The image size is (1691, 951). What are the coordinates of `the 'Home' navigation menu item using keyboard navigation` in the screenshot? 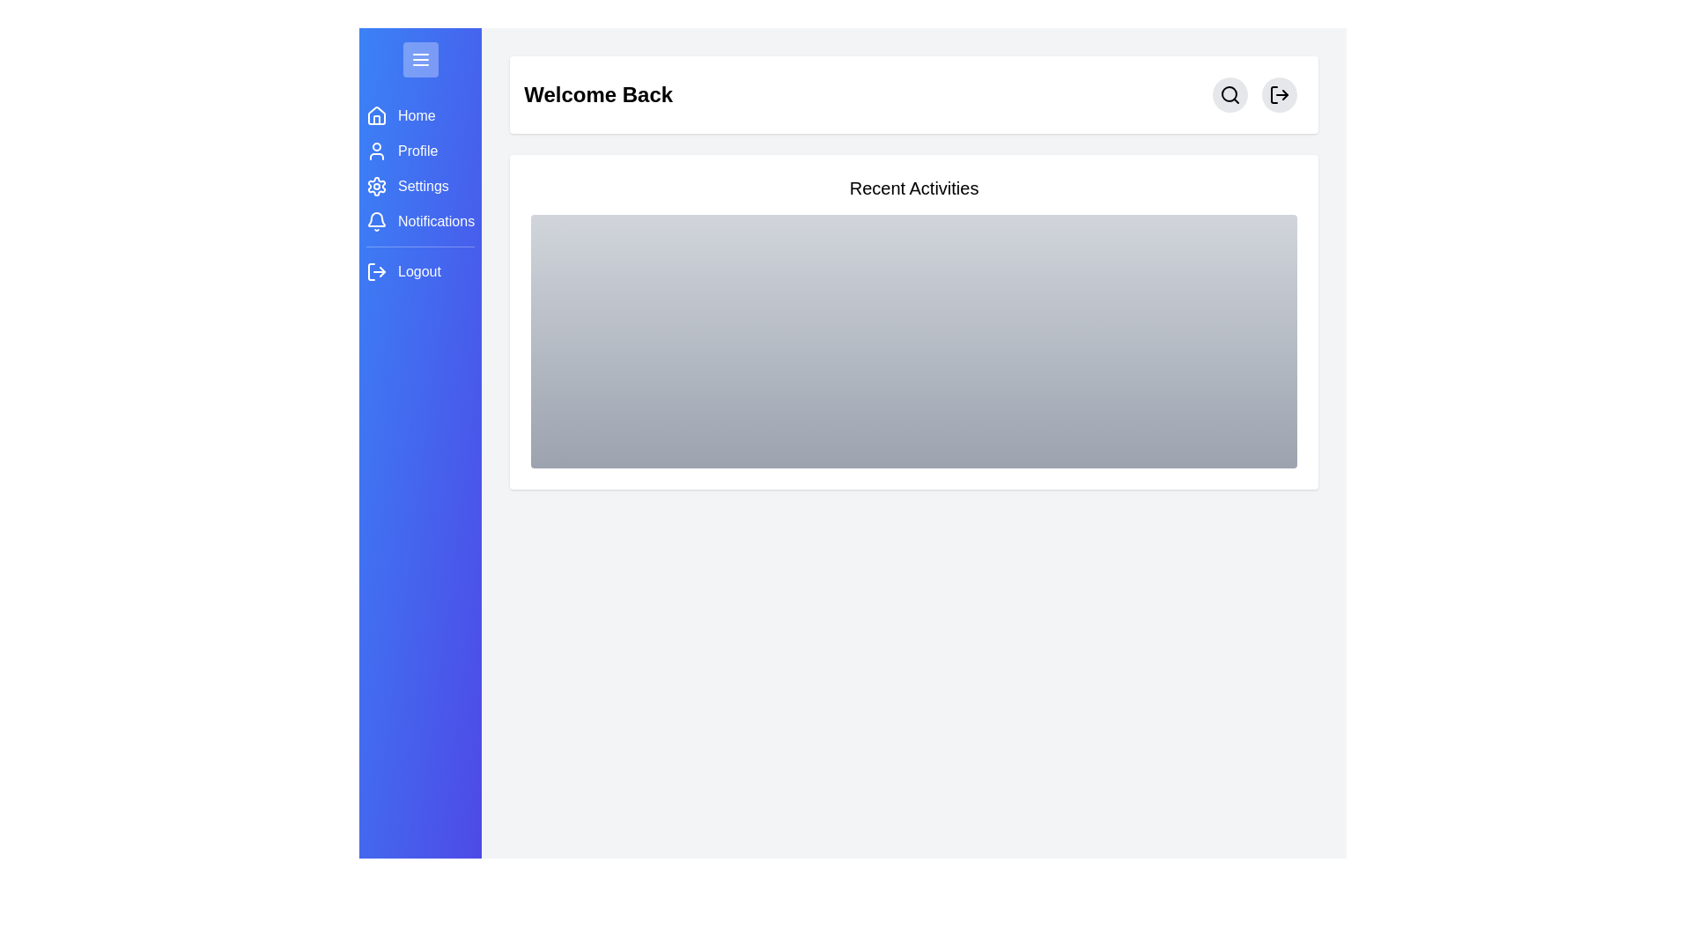 It's located at (419, 115).